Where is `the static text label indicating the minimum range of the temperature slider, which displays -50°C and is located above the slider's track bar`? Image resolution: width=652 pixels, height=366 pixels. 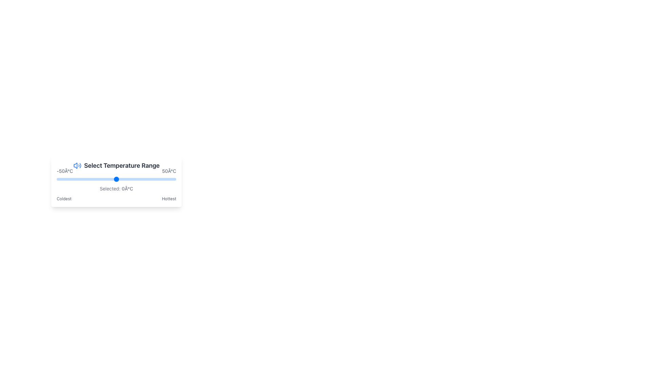 the static text label indicating the minimum range of the temperature slider, which displays -50°C and is located above the slider's track bar is located at coordinates (65, 171).